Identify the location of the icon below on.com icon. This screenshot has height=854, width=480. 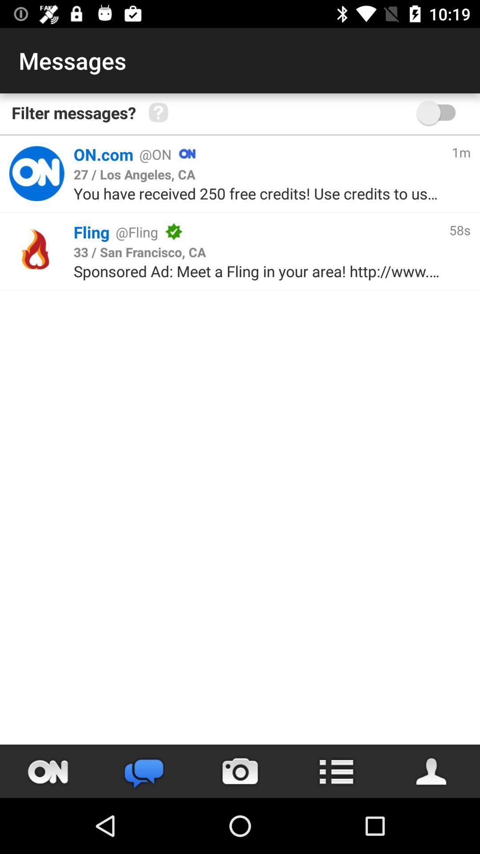
(134, 174).